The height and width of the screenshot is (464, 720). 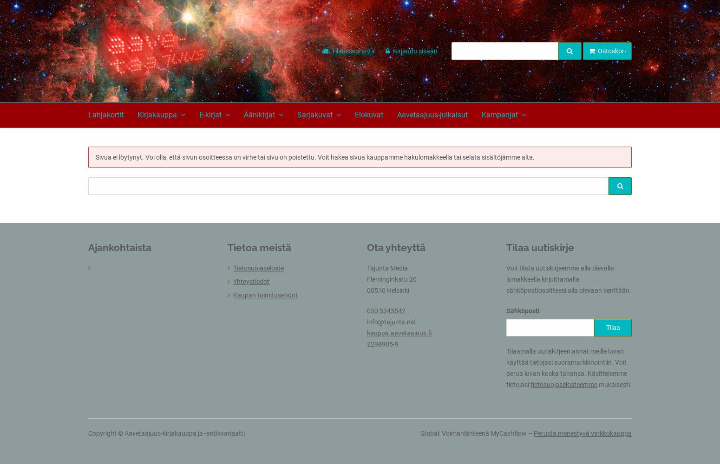 What do you see at coordinates (481, 114) in the screenshot?
I see `'Kampanjat'` at bounding box center [481, 114].